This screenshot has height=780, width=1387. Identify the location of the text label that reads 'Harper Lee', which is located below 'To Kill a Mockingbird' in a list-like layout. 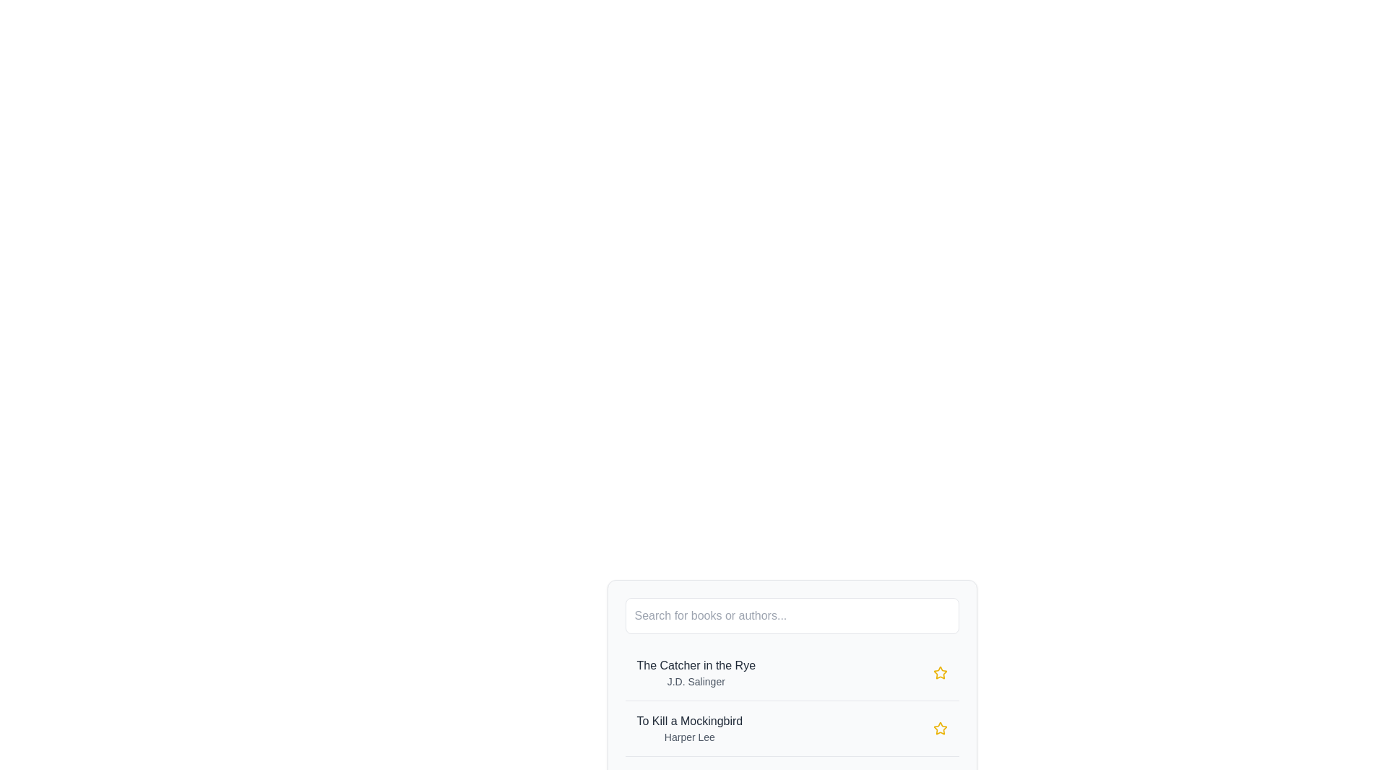
(688, 737).